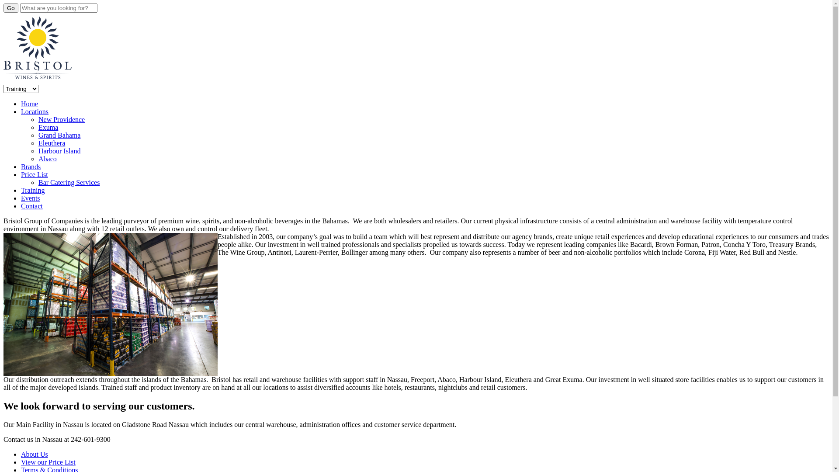 Image resolution: width=839 pixels, height=472 pixels. What do you see at coordinates (21, 454) in the screenshot?
I see `'About Us'` at bounding box center [21, 454].